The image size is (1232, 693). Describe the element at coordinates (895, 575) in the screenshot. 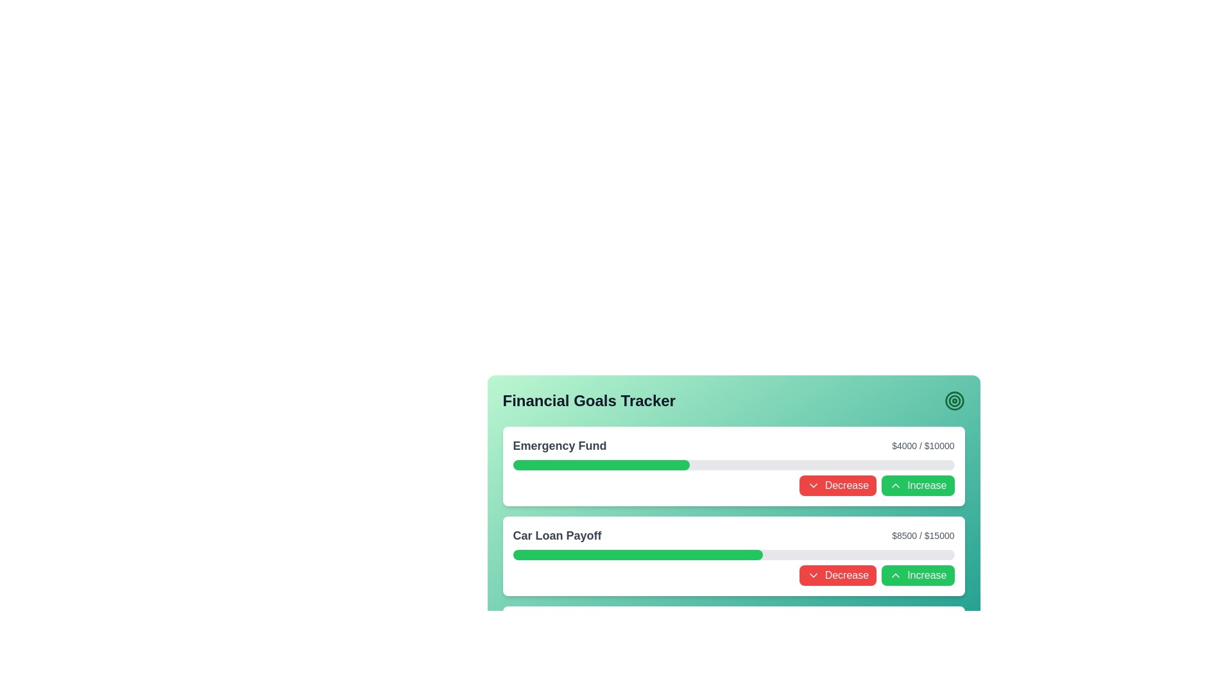

I see `the 'Increase' button that contains the icon for increasing a numerical value in the 'Car Loan Payoff' section of the financial tracker interface` at that location.